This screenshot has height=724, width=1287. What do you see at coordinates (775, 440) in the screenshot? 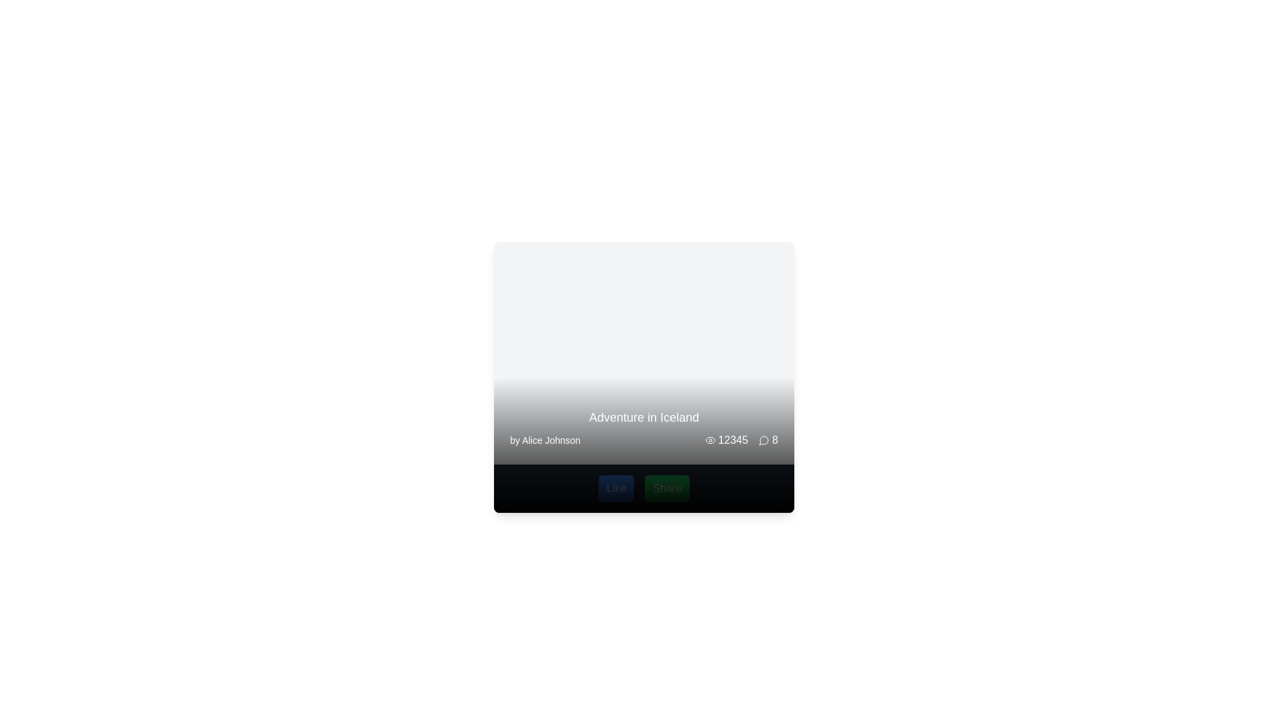
I see `the Text display showing the number '8', which is positioned adjacent to a message bubble icon in the bottom-right corner of the interface` at bounding box center [775, 440].